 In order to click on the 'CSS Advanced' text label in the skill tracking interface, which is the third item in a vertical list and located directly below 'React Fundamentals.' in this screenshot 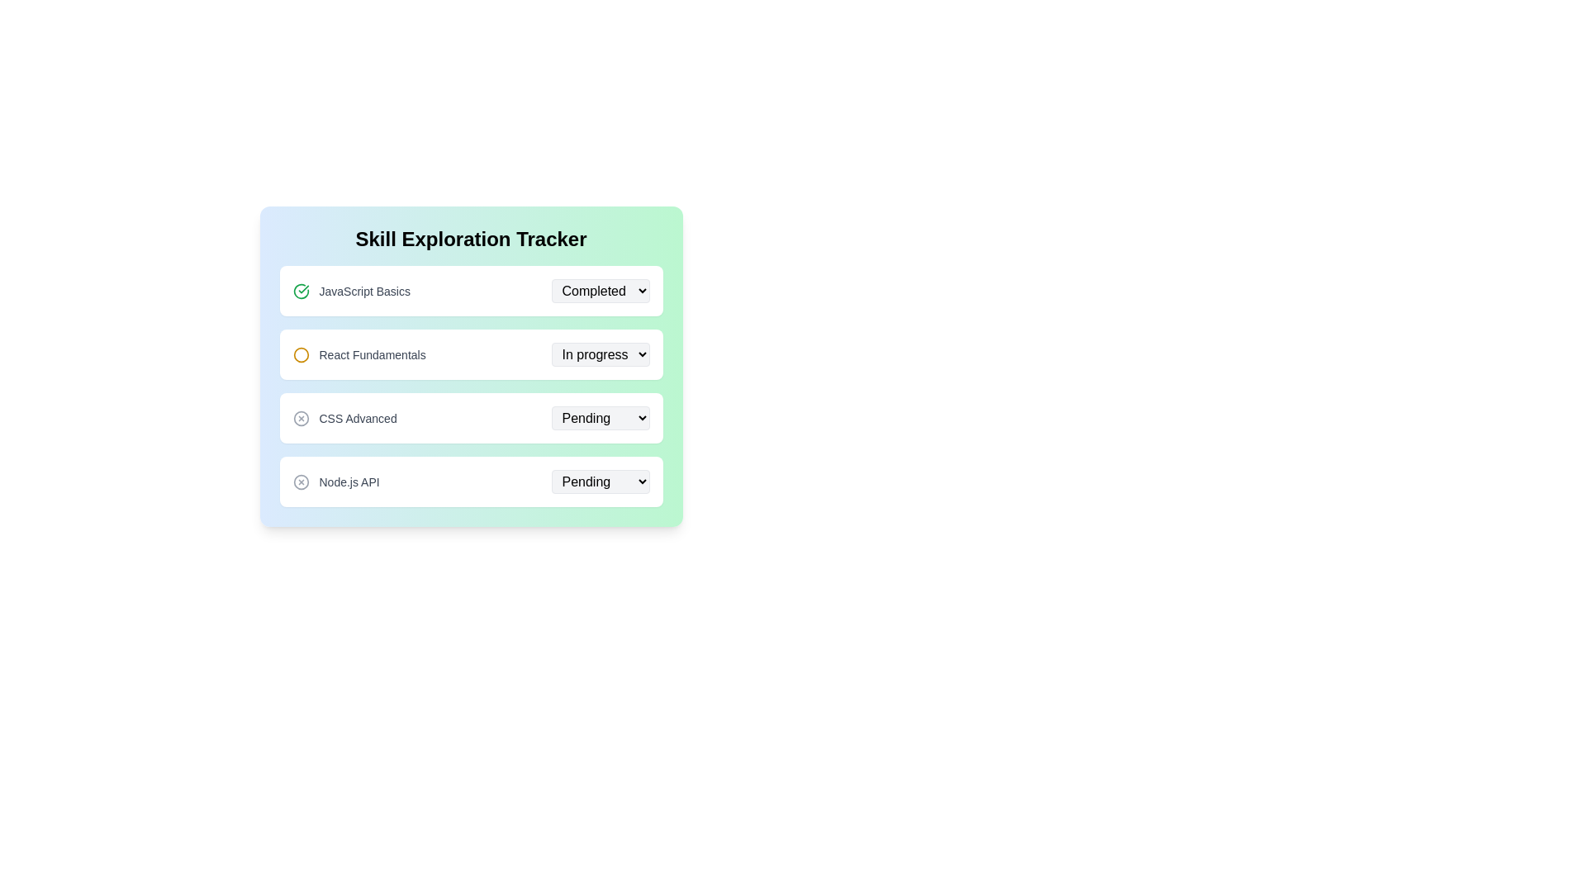, I will do `click(357, 417)`.